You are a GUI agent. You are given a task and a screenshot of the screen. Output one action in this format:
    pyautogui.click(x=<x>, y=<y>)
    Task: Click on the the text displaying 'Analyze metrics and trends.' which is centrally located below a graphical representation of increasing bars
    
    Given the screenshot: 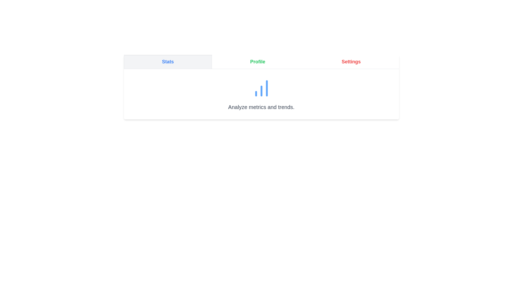 What is the action you would take?
    pyautogui.click(x=261, y=107)
    